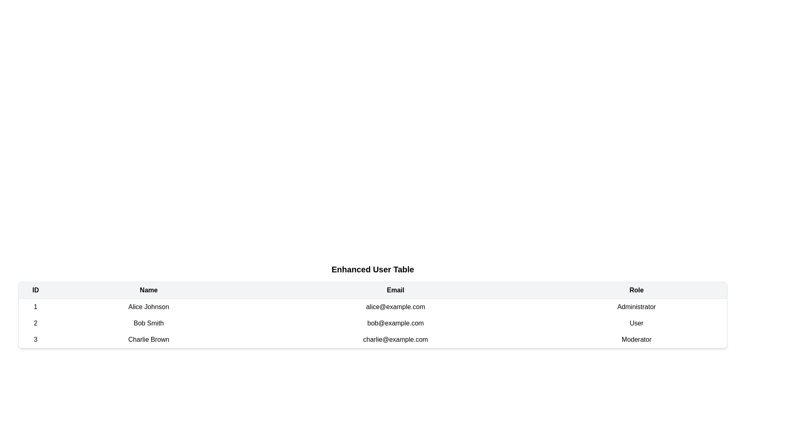 This screenshot has height=441, width=785. What do you see at coordinates (148, 323) in the screenshot?
I see `the Text label that displays the user name in the 'Name' column of the second row in the table, corresponding to user ID '2'` at bounding box center [148, 323].